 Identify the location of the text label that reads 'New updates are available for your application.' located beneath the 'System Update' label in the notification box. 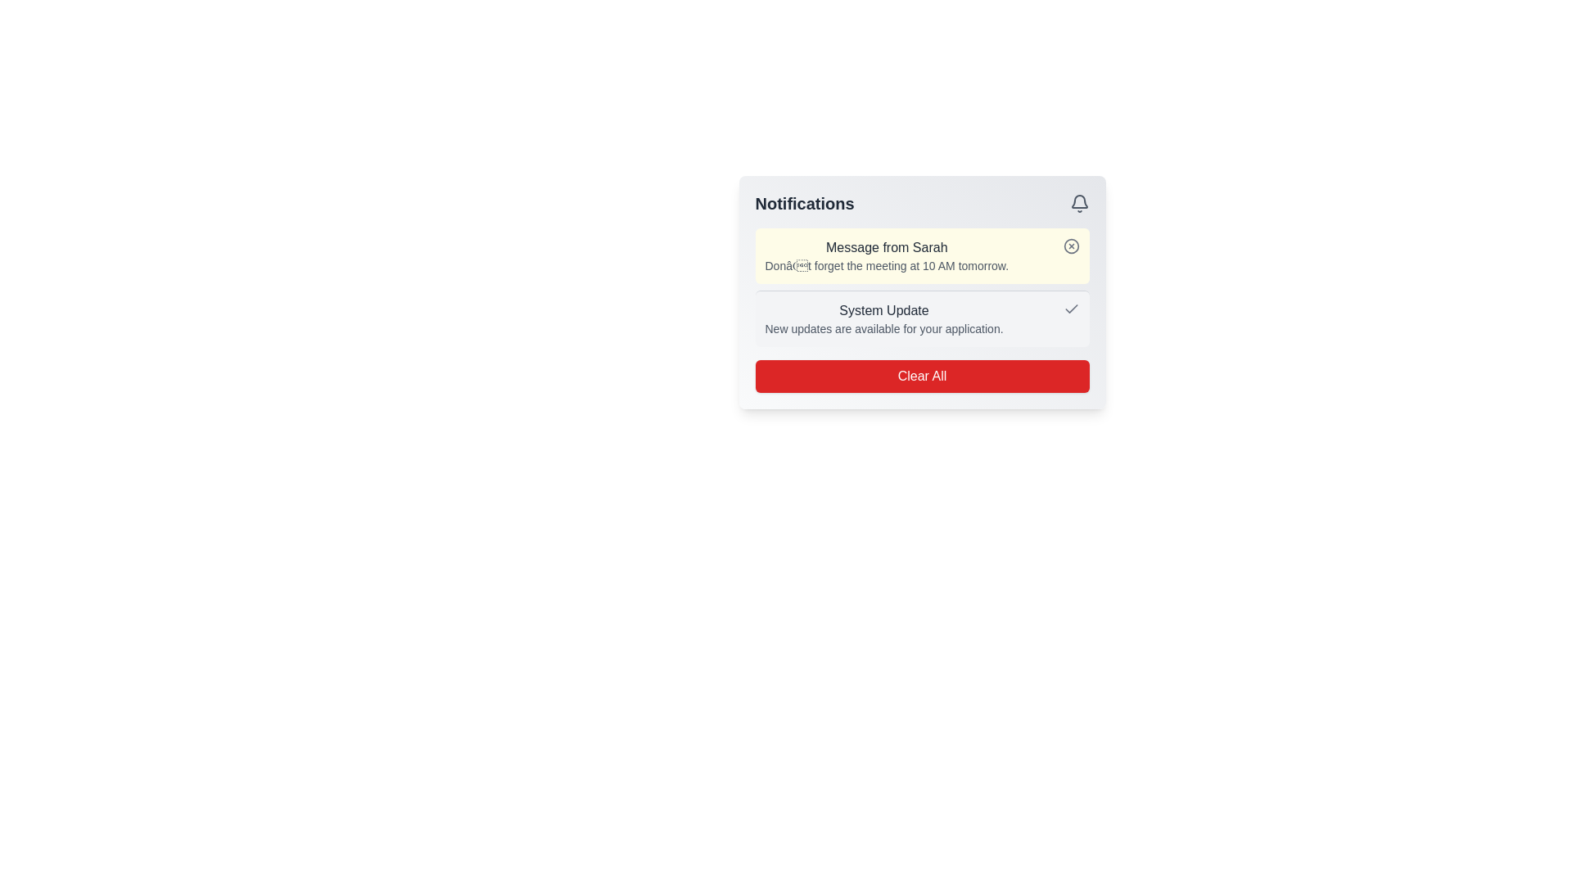
(883, 328).